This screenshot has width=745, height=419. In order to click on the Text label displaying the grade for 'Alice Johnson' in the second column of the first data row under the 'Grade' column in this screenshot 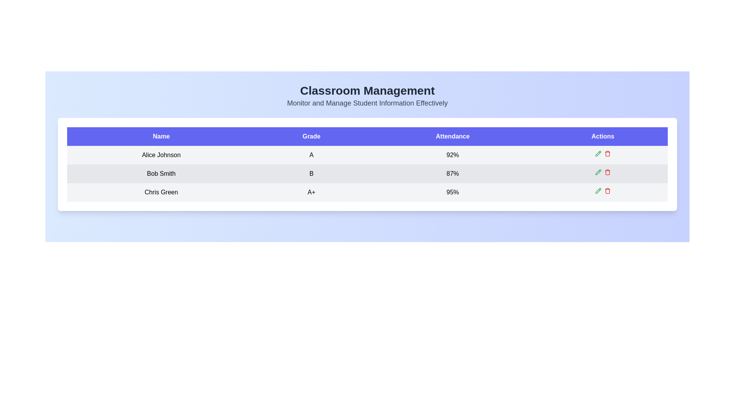, I will do `click(311, 155)`.